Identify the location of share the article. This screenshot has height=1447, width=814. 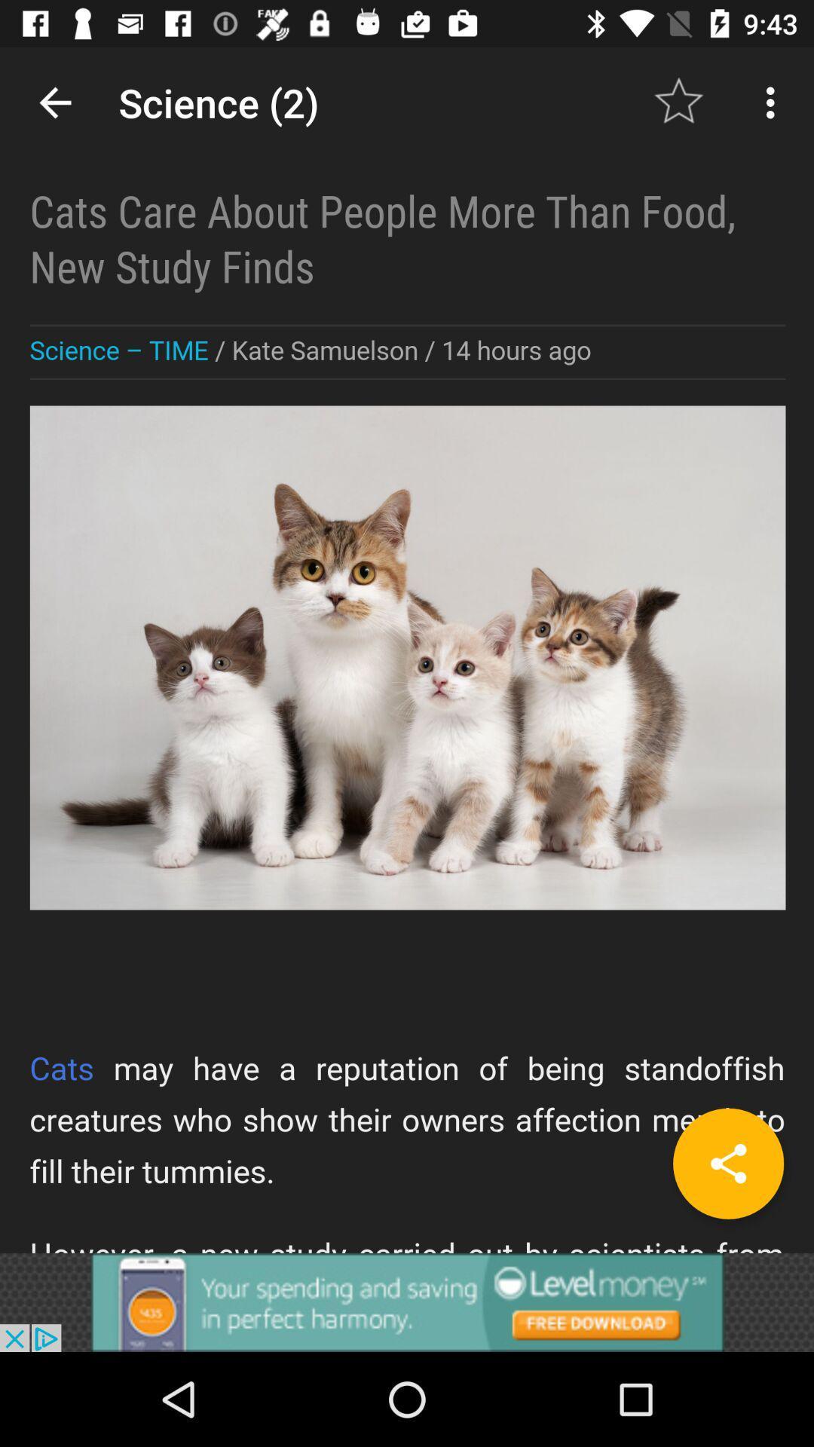
(727, 1163).